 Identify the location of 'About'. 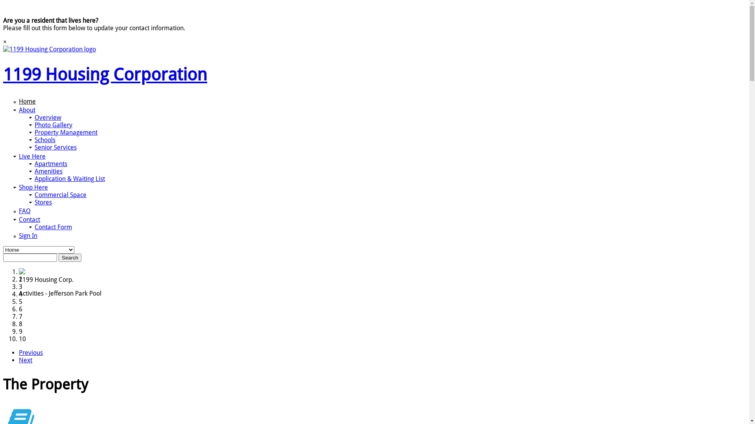
(19, 110).